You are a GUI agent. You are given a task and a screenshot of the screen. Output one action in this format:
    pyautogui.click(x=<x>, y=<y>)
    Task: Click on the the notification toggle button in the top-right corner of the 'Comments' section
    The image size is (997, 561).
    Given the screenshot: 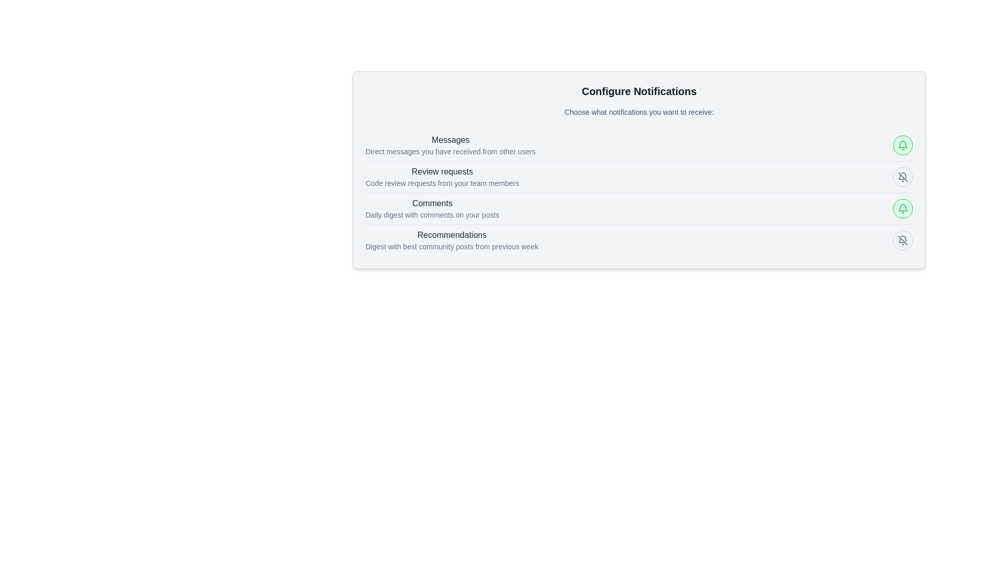 What is the action you would take?
    pyautogui.click(x=902, y=208)
    